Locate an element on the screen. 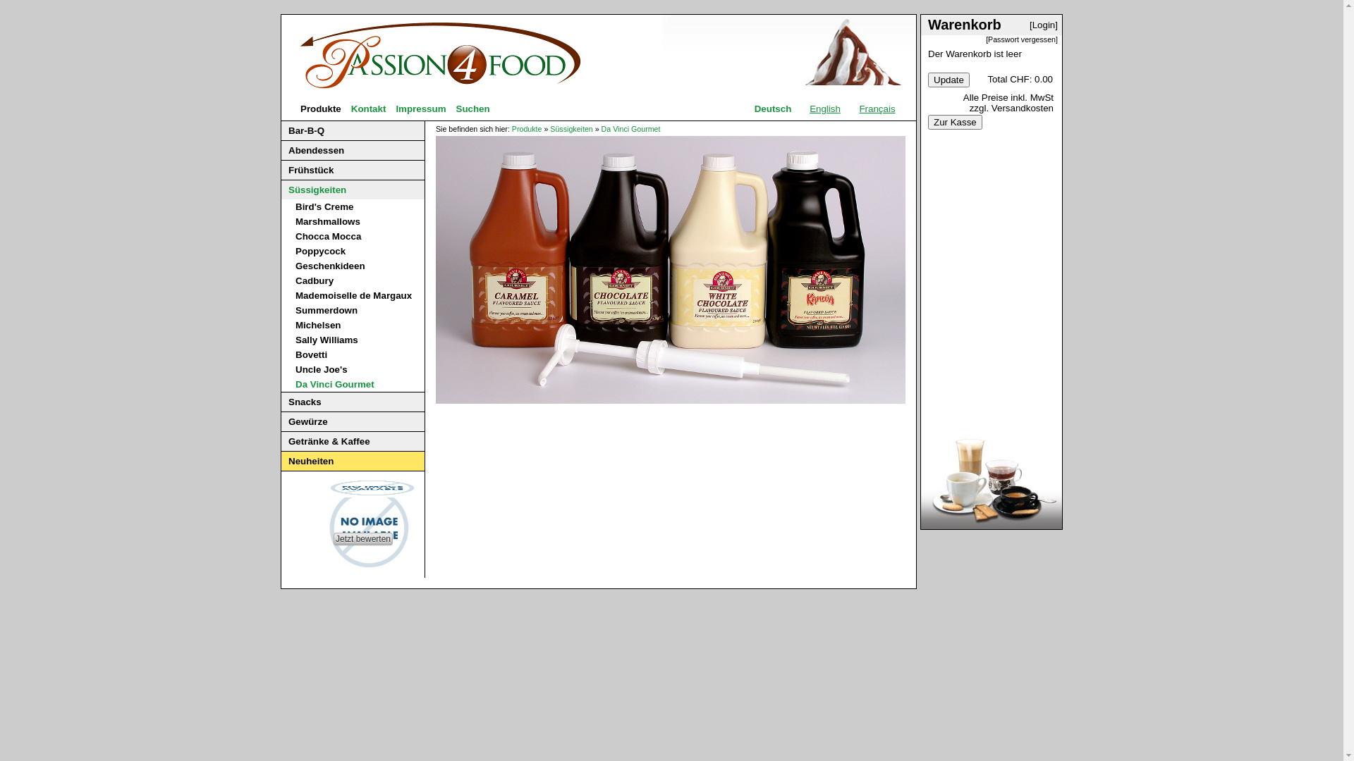 This screenshot has width=1354, height=761. 'Abendessen' is located at coordinates (315, 150).